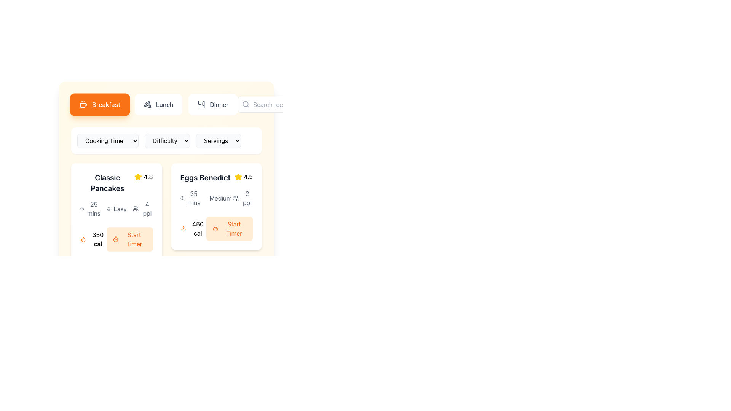 The height and width of the screenshot is (411, 731). Describe the element at coordinates (107, 141) in the screenshot. I see `the 'Cooking Time' dropdown menu` at that location.